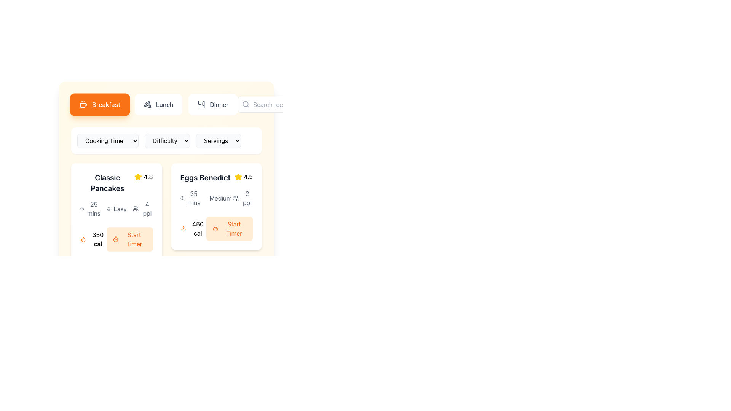 The height and width of the screenshot is (411, 731). Describe the element at coordinates (107, 141) in the screenshot. I see `the 'Cooking Time' dropdown menu` at that location.